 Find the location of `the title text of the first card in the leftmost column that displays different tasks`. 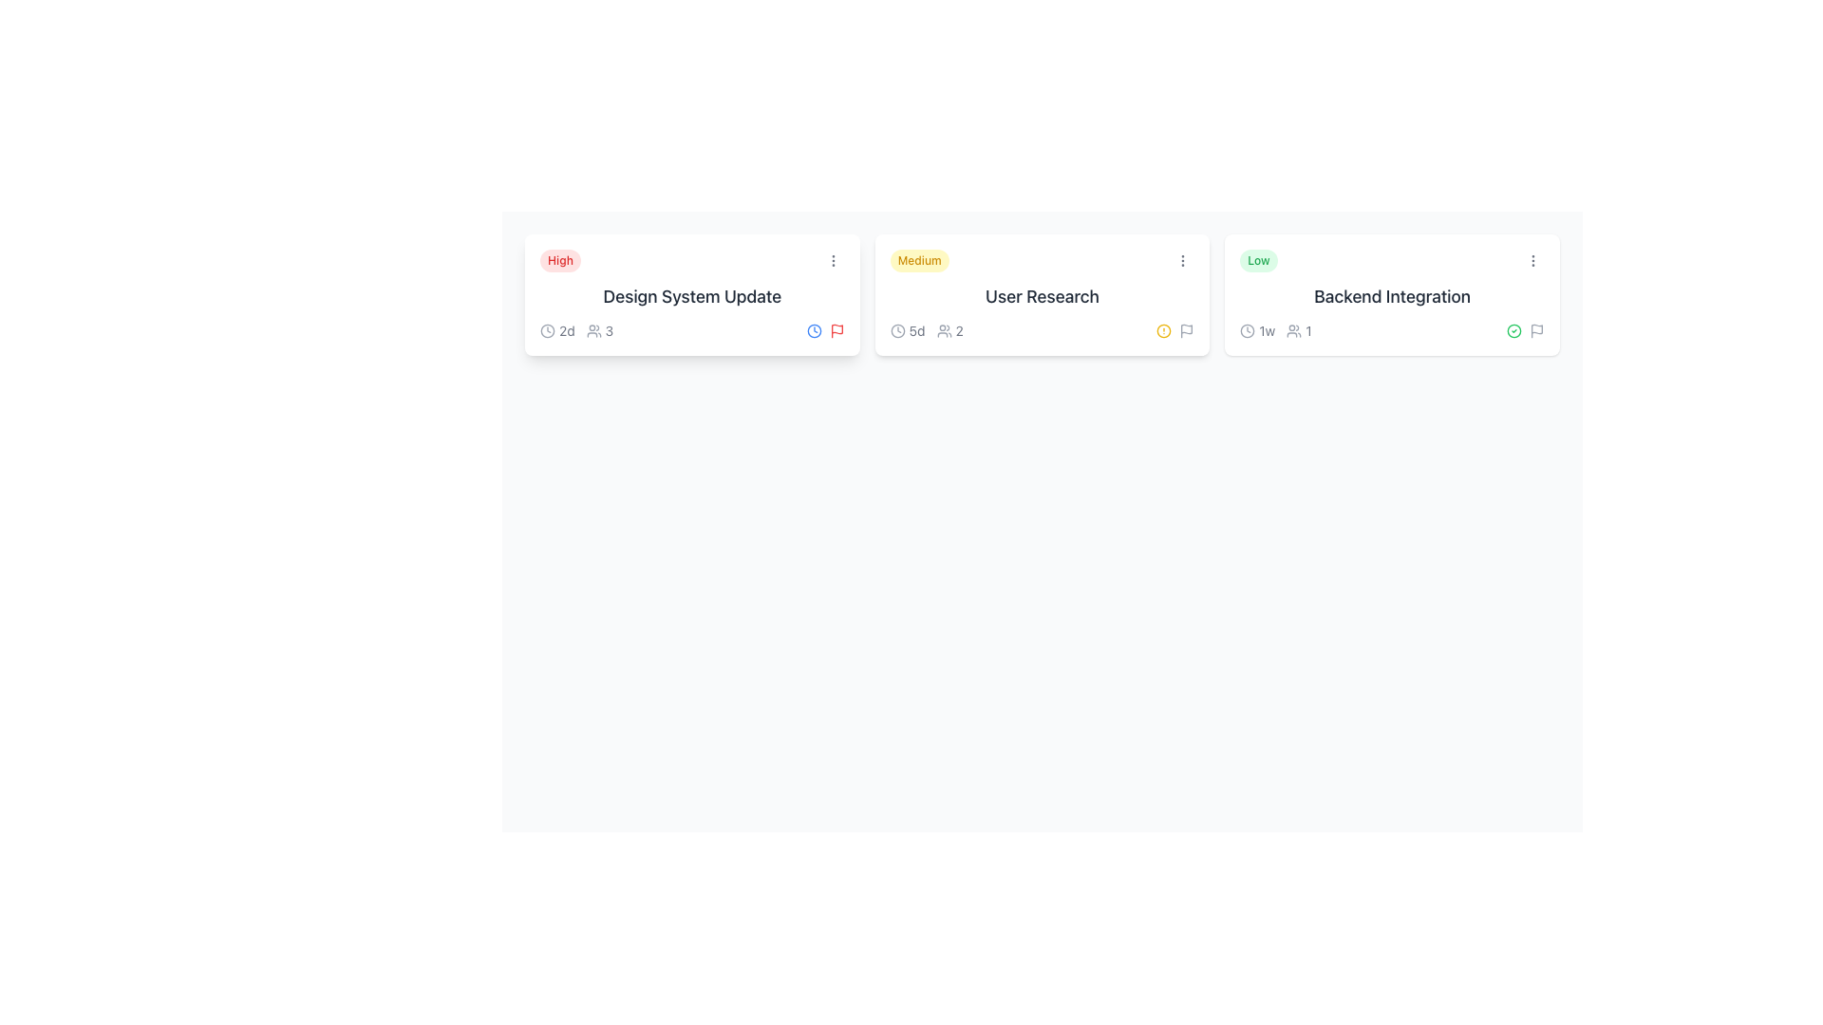

the title text of the first card in the leftmost column that displays different tasks is located at coordinates (691, 296).